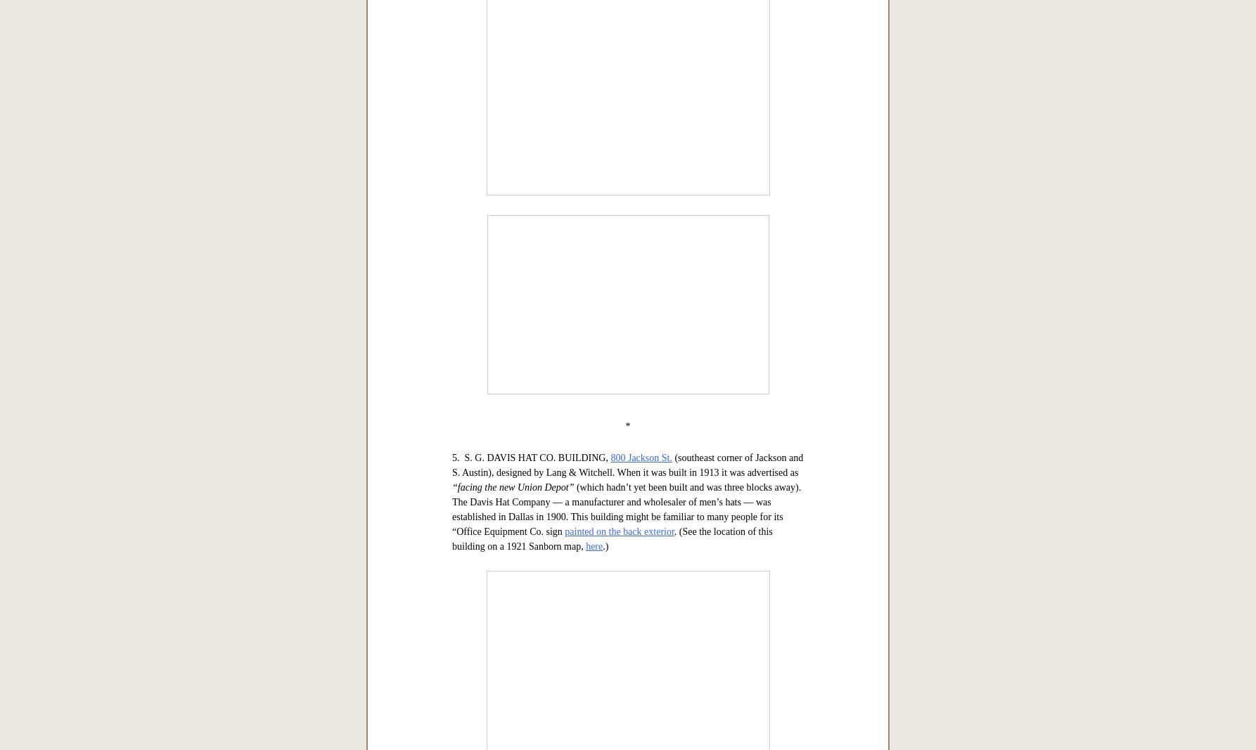  Describe the element at coordinates (624, 219) in the screenshot. I see `'4.  COTTON EXCHANGE BUILDING, 401 S. Akard (southwest corner of S. Akard & Wood), designed by Lang & Witchell. Built in 1911, this was the hub of the cotton market in Dallas, a city which, in a 1912 article in'` at that location.